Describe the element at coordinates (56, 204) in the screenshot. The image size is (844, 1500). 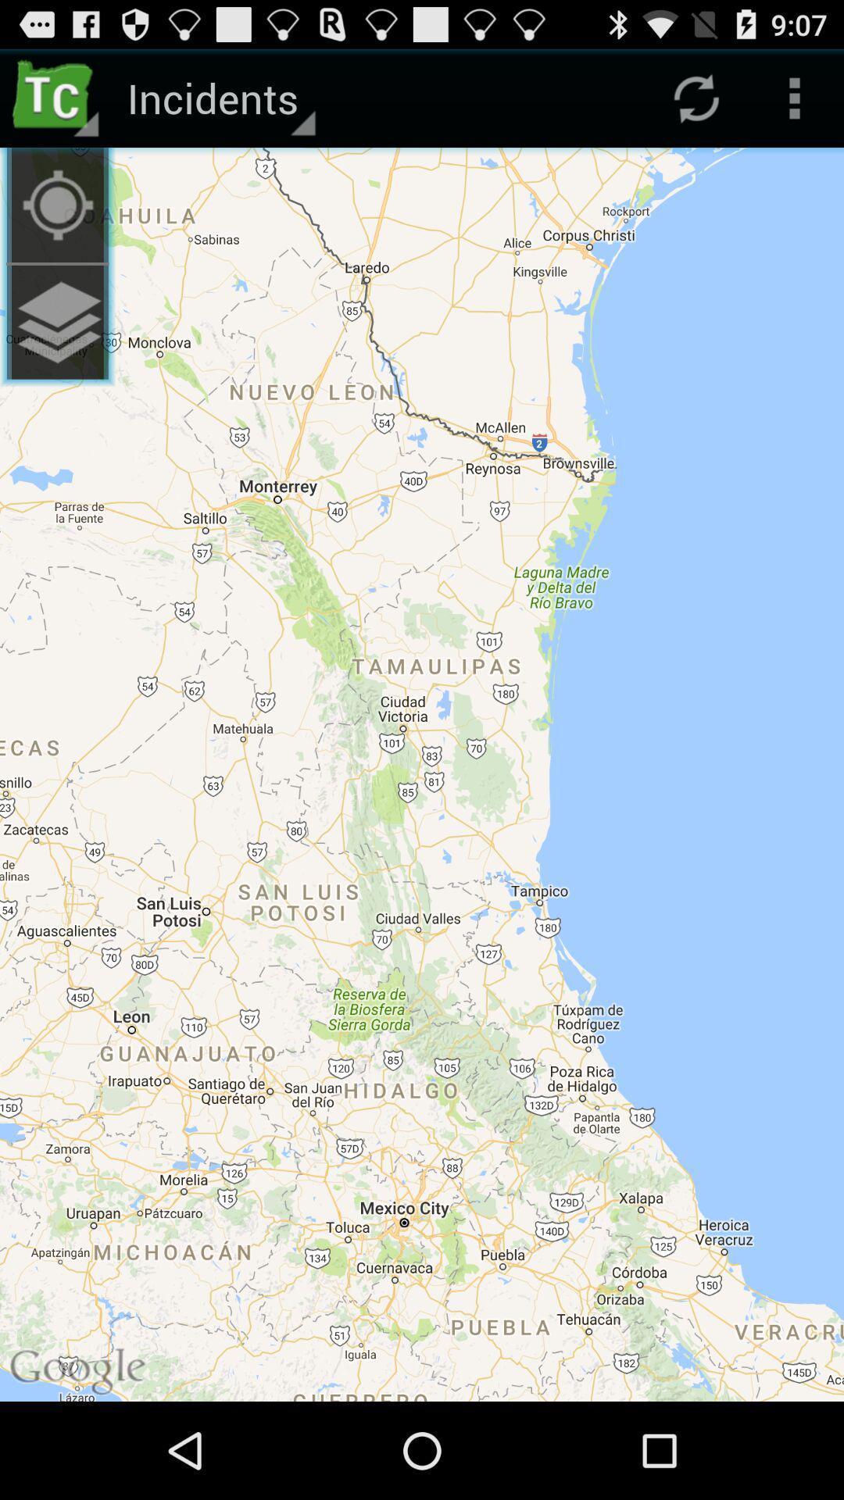
I see `icon next to the incidents app` at that location.